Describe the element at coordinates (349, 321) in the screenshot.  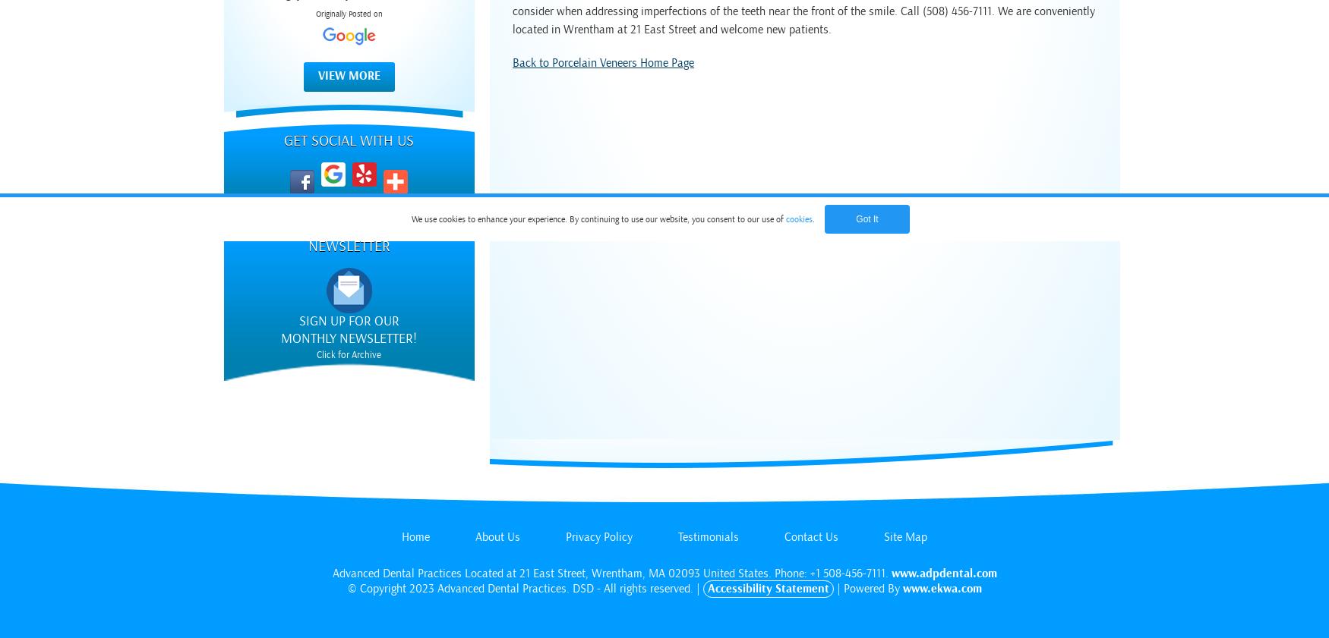
I see `'Sign up for our'` at that location.